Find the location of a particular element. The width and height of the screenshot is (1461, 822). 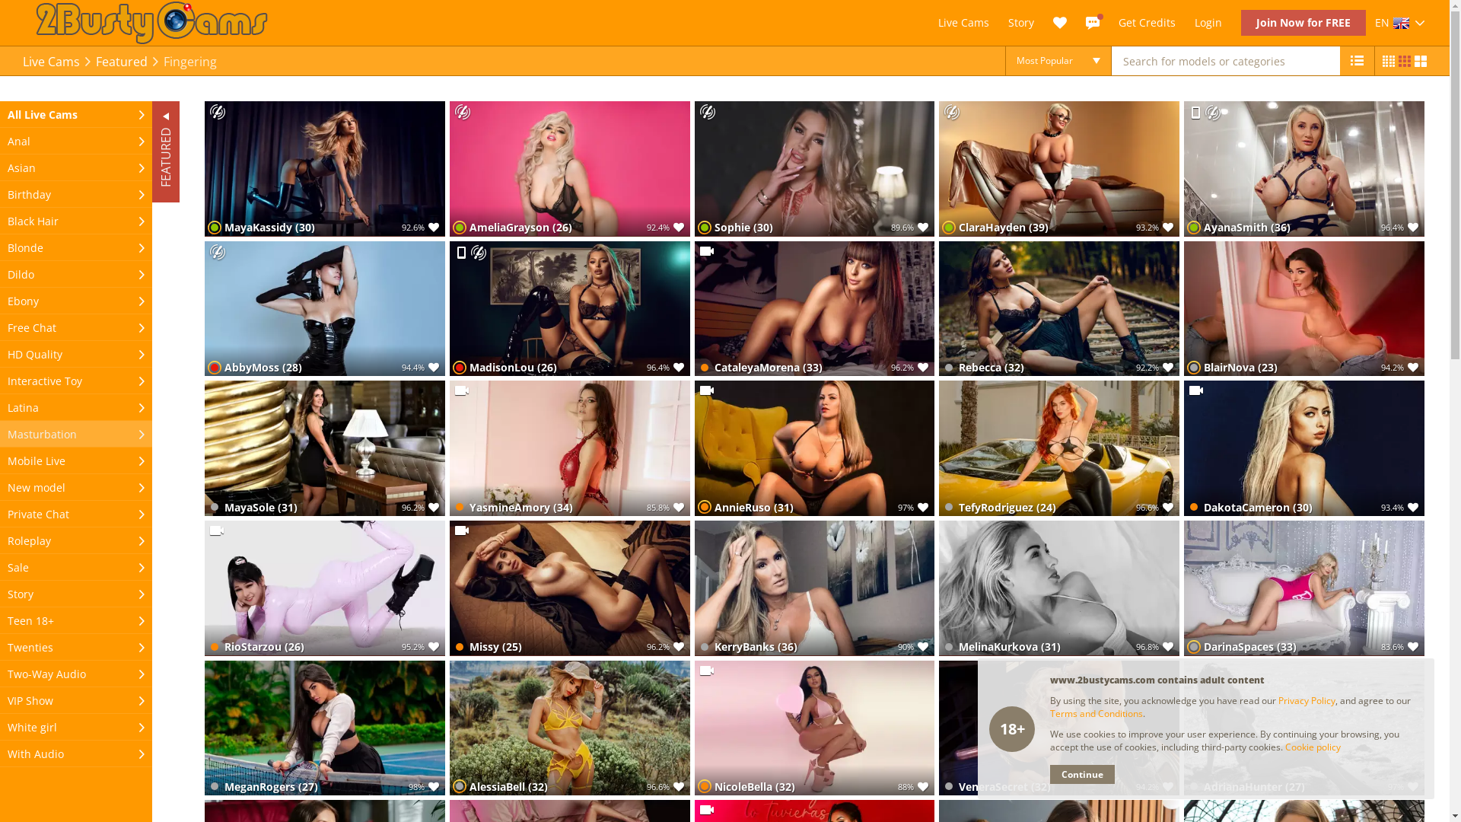

'New model' is located at coordinates (75, 487).